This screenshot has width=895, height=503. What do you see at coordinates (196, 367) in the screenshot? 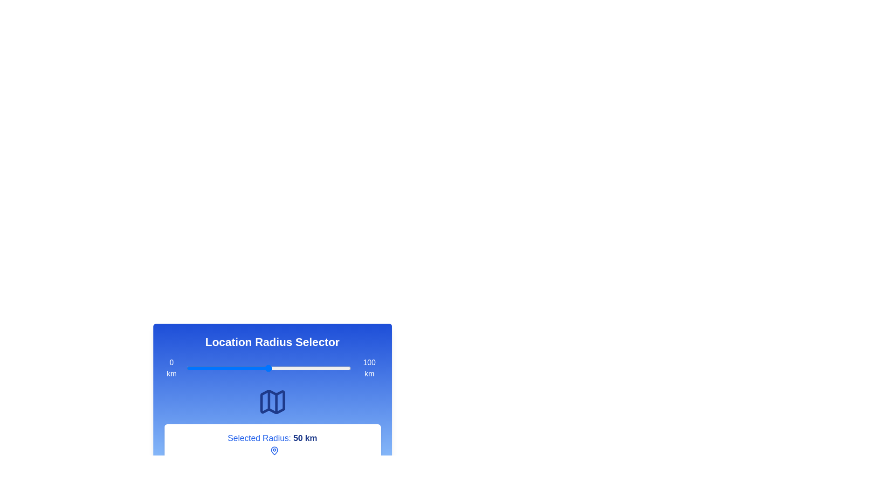
I see `the range slider to set the radius to 6 km` at bounding box center [196, 367].